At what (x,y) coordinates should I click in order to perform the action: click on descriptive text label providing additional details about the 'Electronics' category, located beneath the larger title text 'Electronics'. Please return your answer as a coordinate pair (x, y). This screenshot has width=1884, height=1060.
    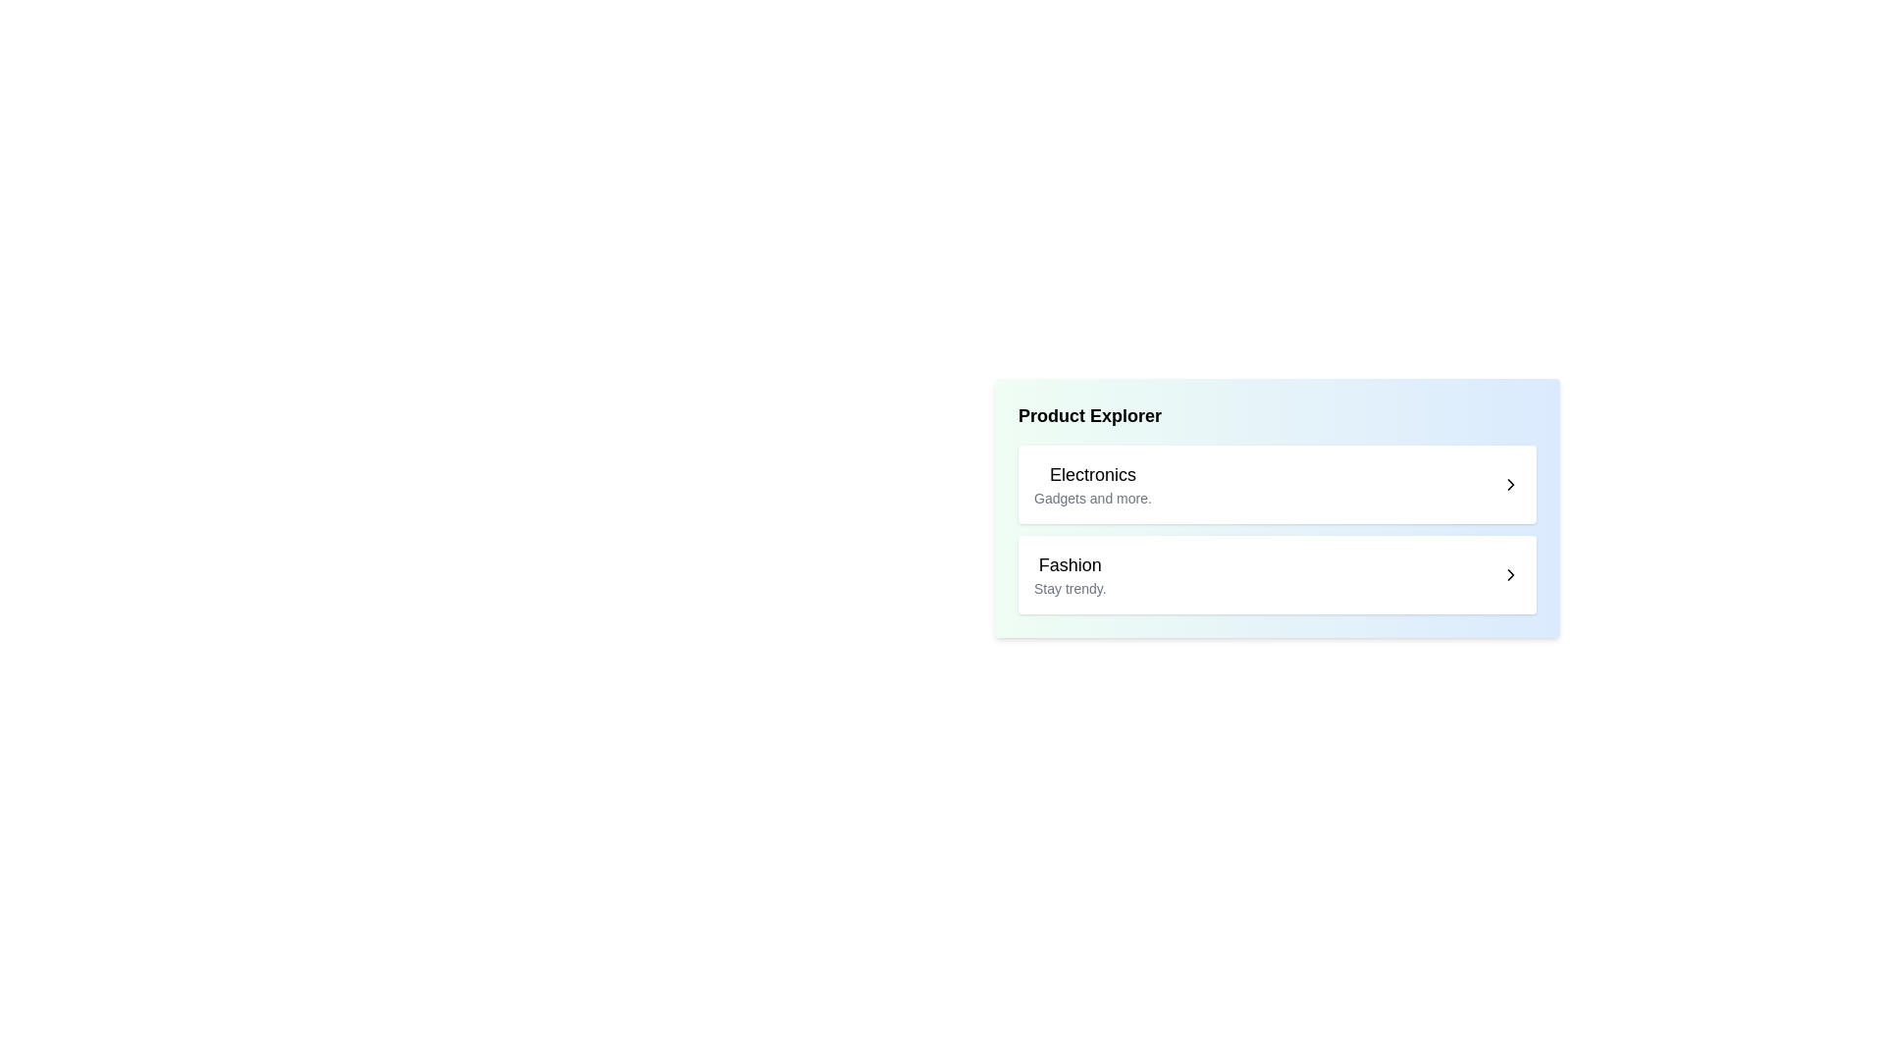
    Looking at the image, I should click on (1091, 498).